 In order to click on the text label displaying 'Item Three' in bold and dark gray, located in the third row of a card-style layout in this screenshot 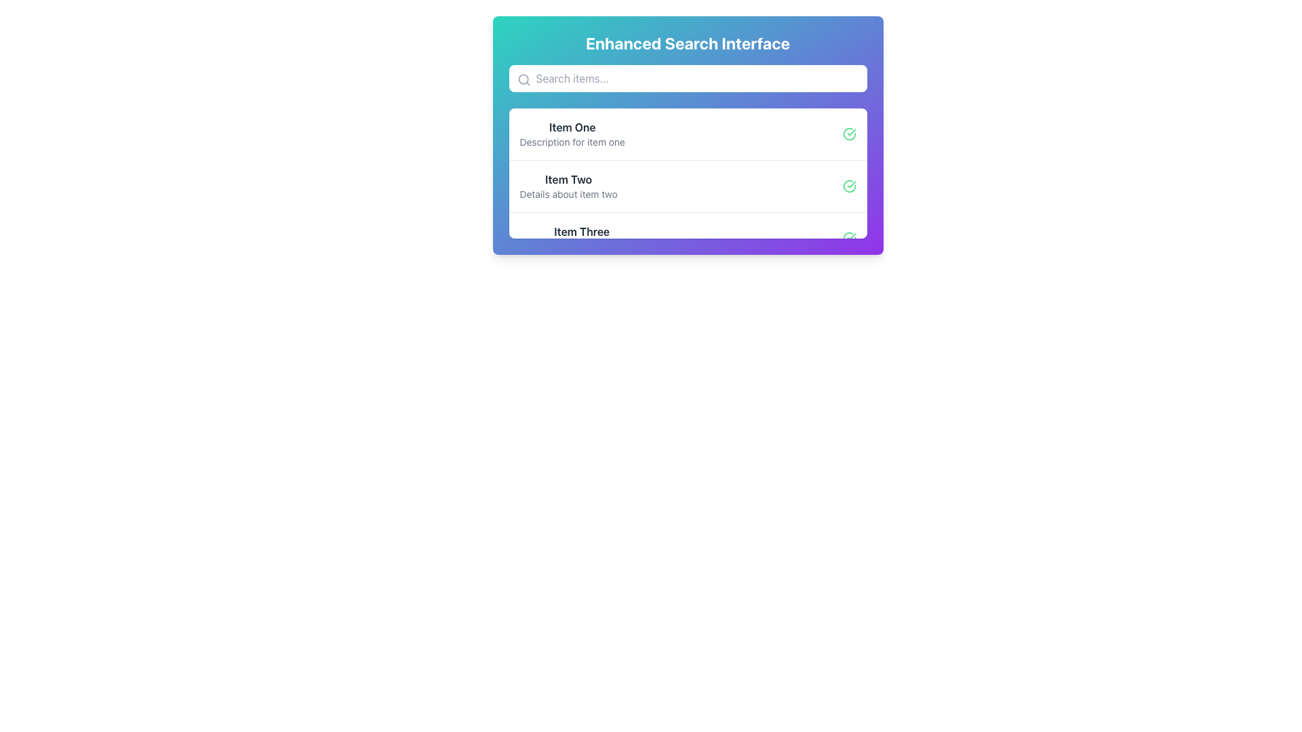, I will do `click(582, 231)`.